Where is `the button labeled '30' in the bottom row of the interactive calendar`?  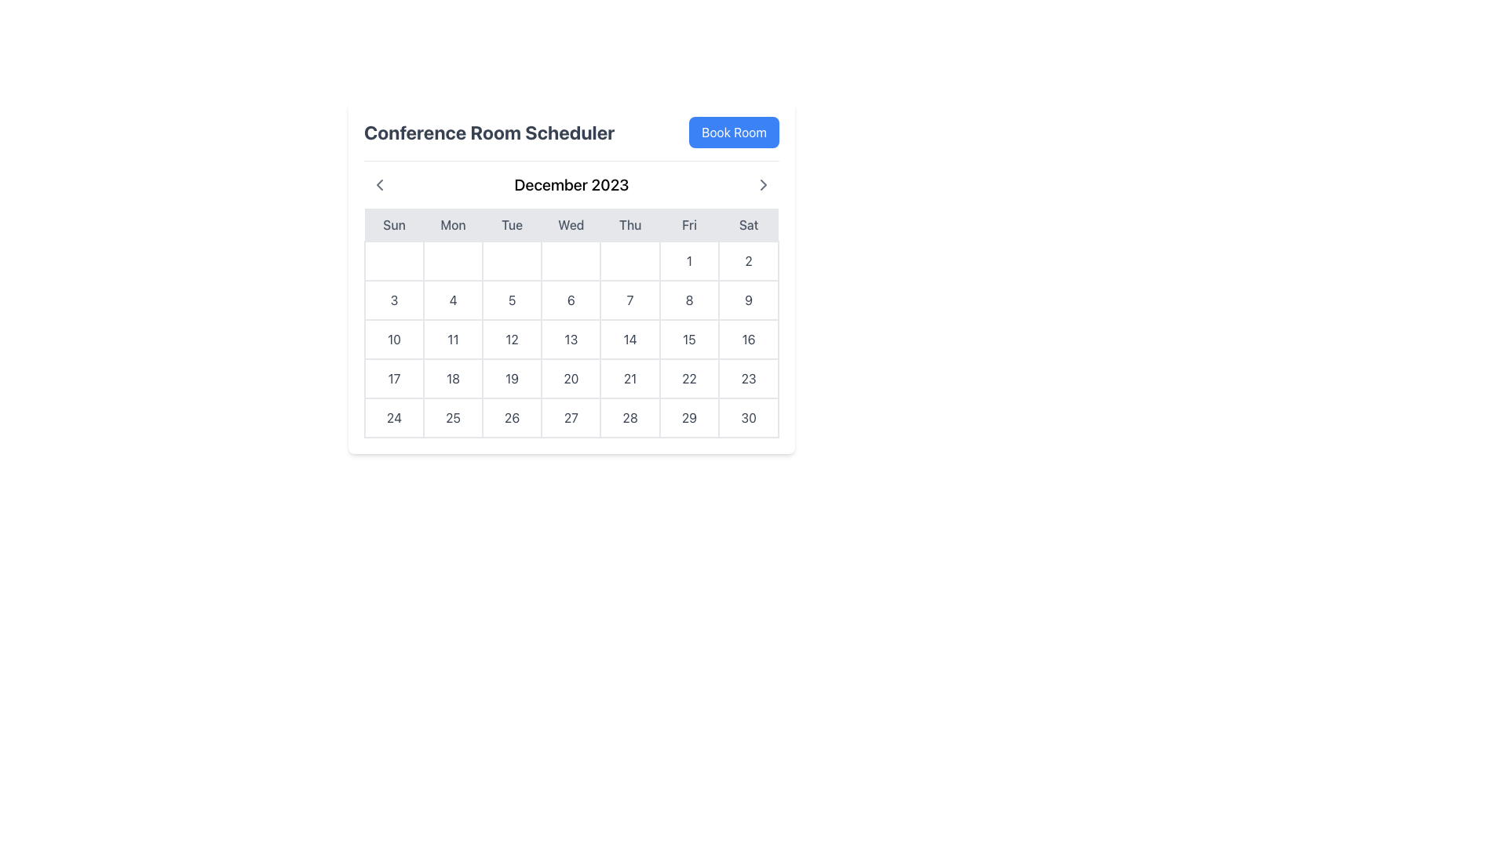 the button labeled '30' in the bottom row of the interactive calendar is located at coordinates (748, 416).